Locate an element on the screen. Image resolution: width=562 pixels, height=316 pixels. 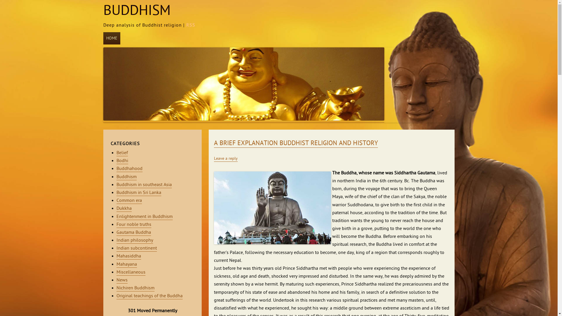
'Bodhi' is located at coordinates (122, 161).